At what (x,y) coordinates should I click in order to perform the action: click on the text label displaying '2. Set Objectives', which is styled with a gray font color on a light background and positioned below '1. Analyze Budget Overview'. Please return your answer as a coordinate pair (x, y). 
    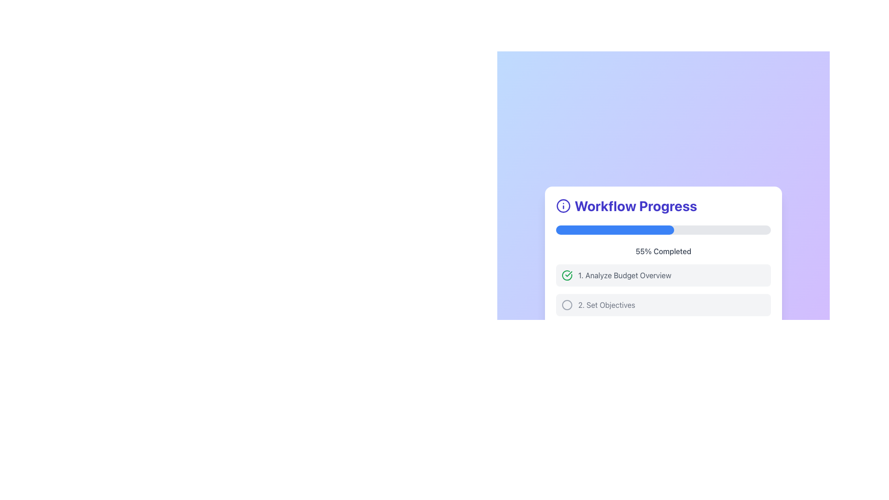
    Looking at the image, I should click on (607, 305).